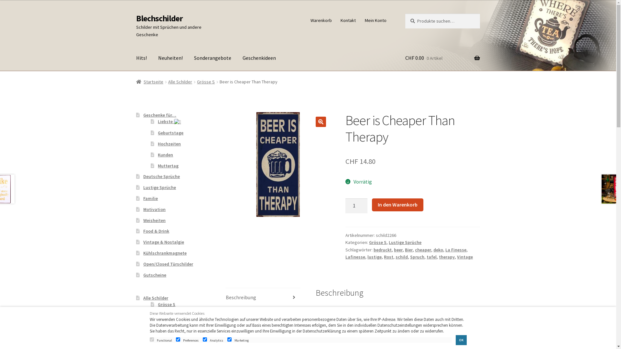  What do you see at coordinates (165, 154) in the screenshot?
I see `'Kunden'` at bounding box center [165, 154].